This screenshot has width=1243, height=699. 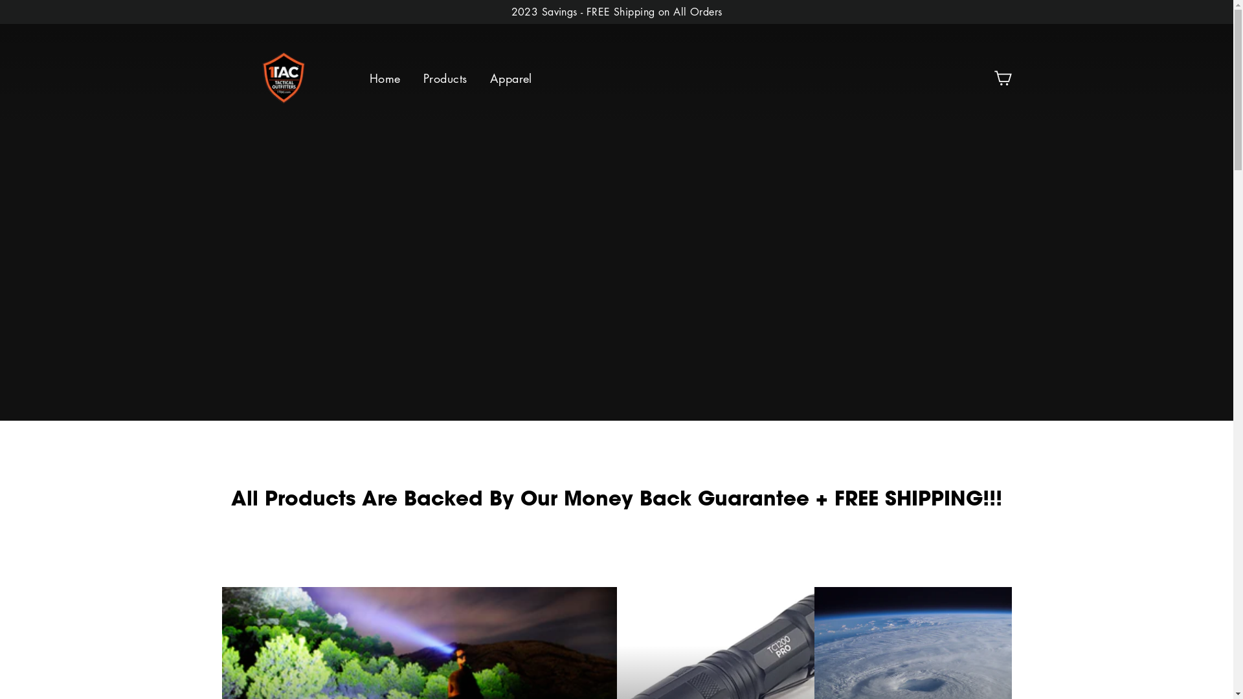 I want to click on 'Apparel', so click(x=510, y=79).